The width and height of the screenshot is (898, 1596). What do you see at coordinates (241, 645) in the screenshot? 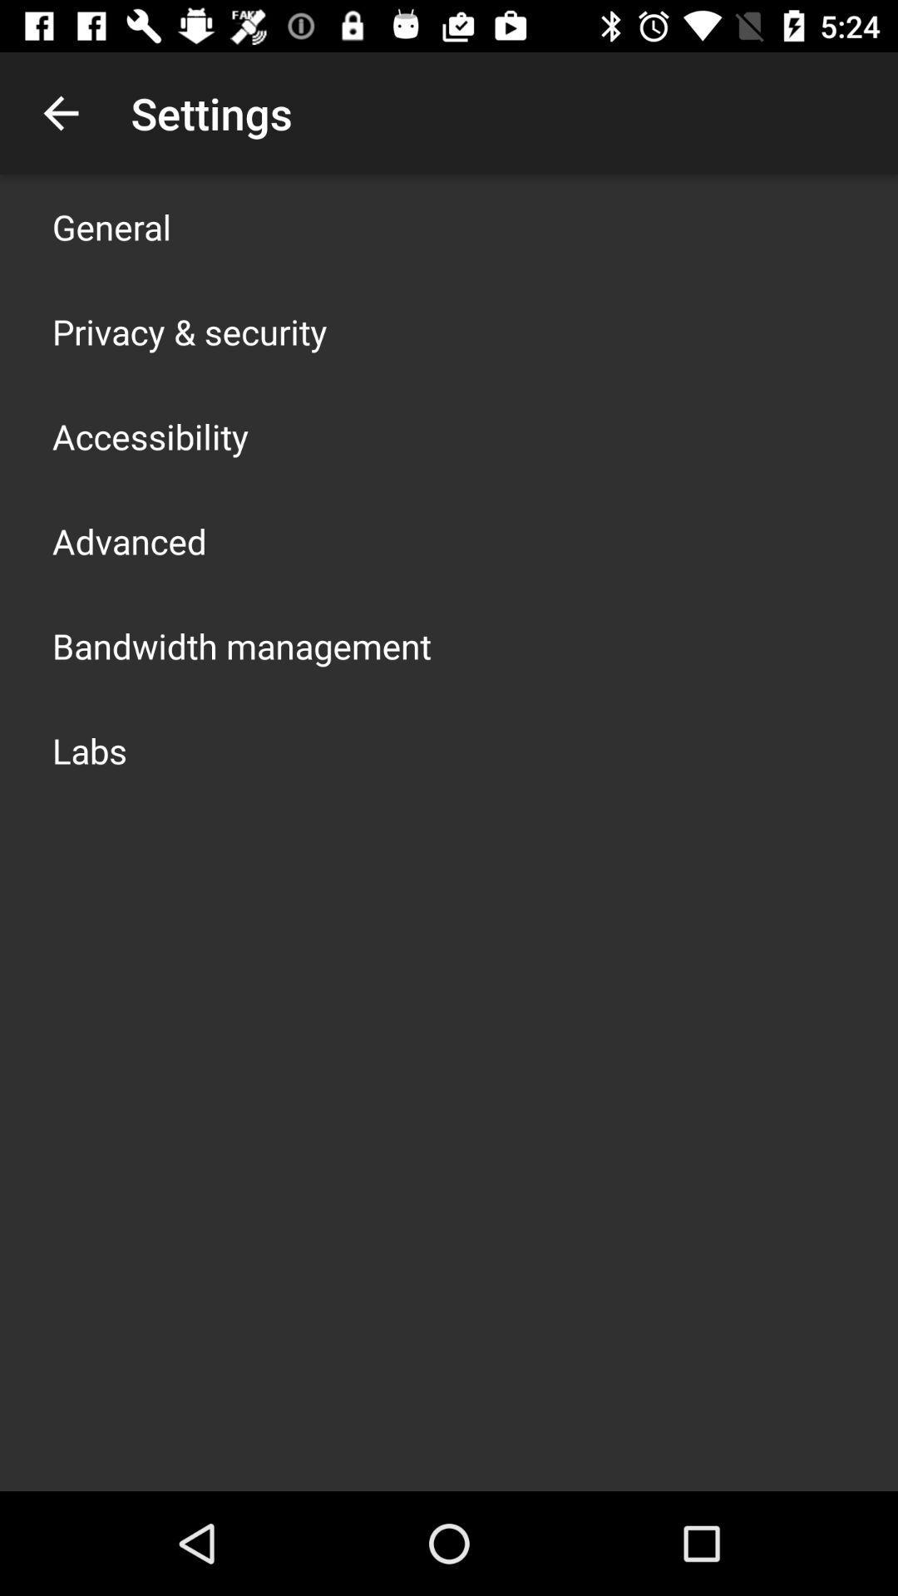
I see `the icon below advanced app` at bounding box center [241, 645].